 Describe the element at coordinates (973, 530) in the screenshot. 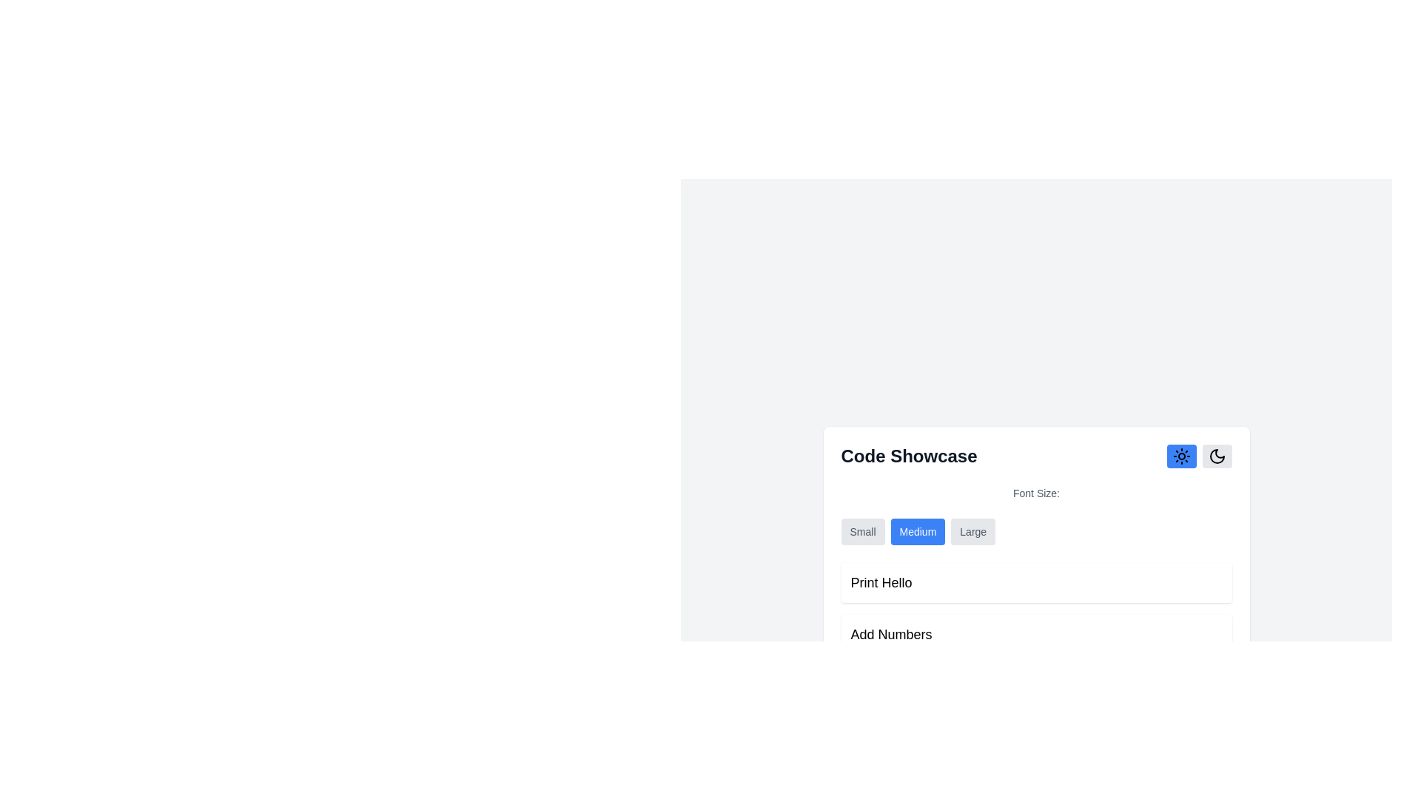

I see `keyboard navigation` at that location.